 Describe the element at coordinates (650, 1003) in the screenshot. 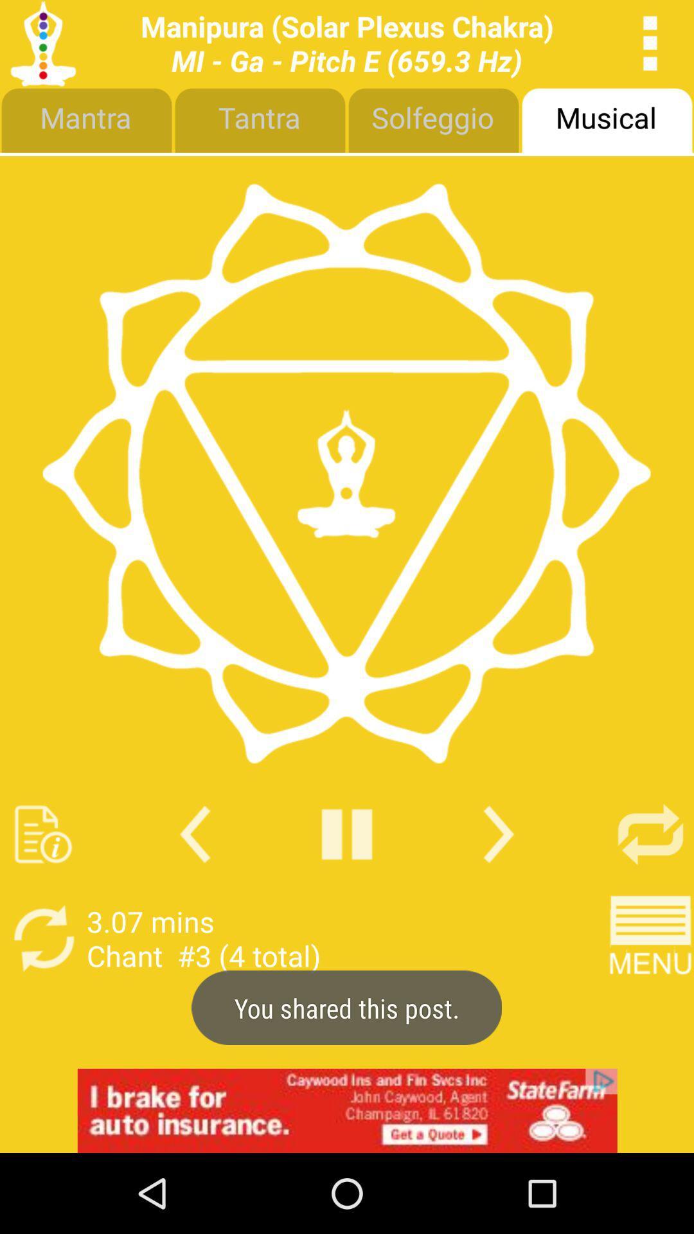

I see `the menu icon` at that location.